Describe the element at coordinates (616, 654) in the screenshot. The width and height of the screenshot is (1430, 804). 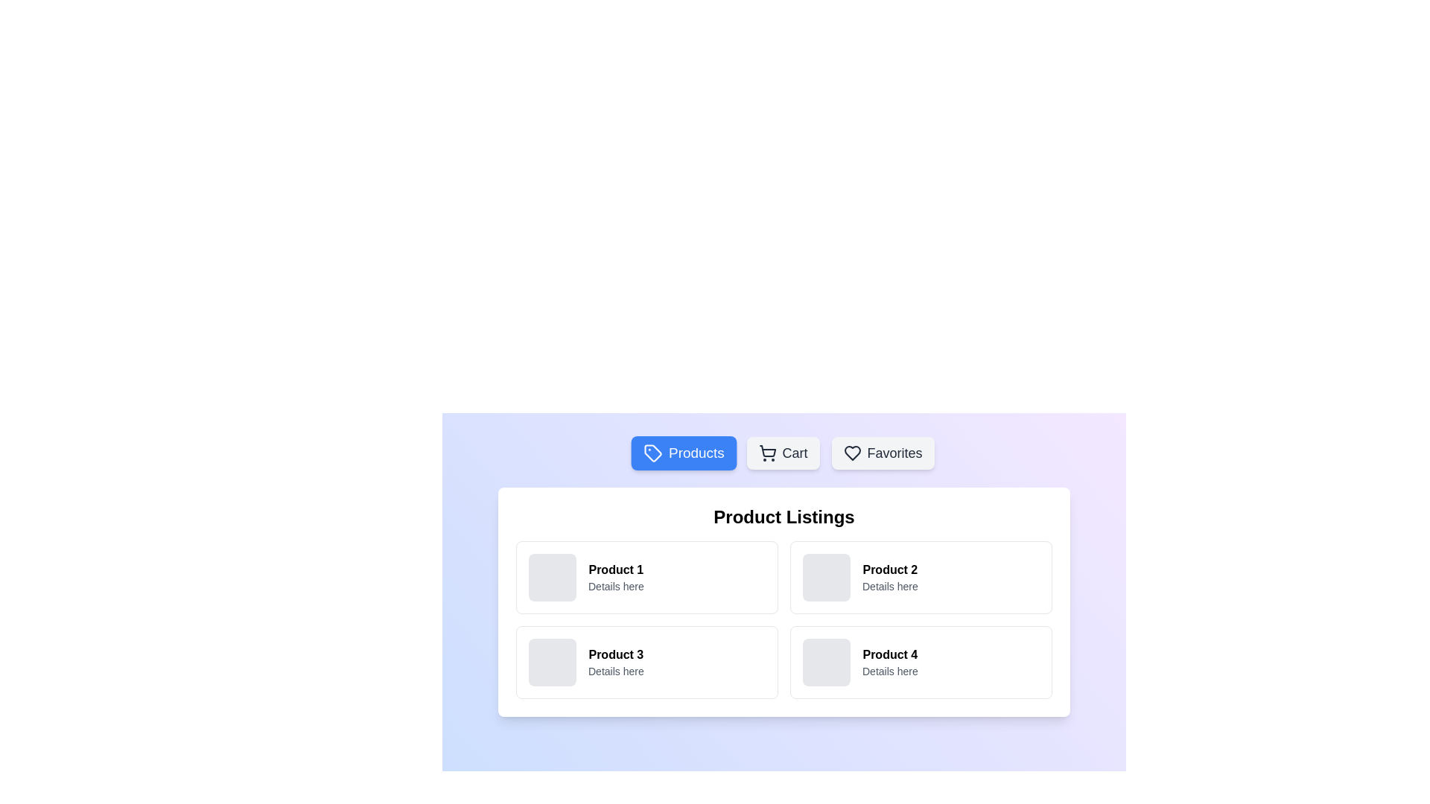
I see `text label that displays 'Product 3', which is bold and located in the third product card at the bottom-left corner of the product grid` at that location.